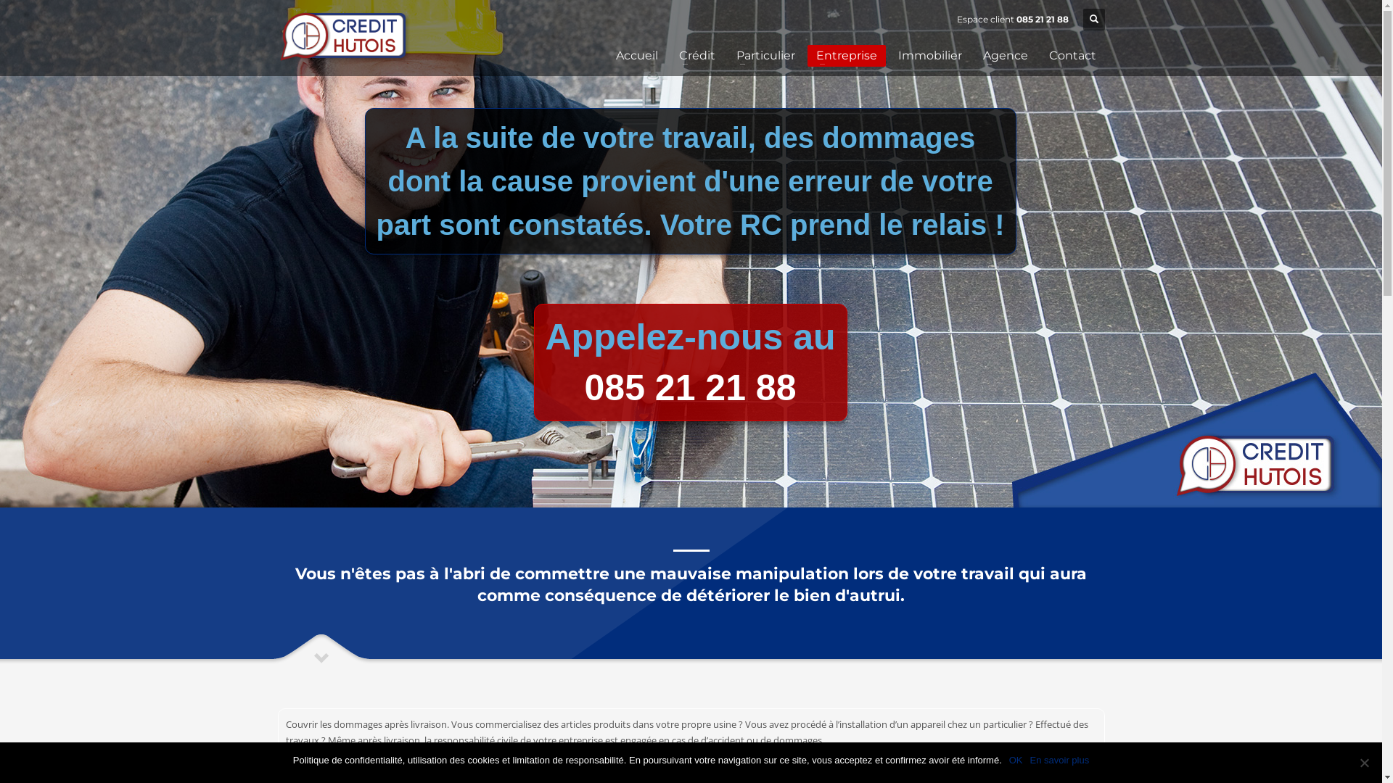 The height and width of the screenshot is (783, 1393). I want to click on 'Agence', so click(1004, 55).